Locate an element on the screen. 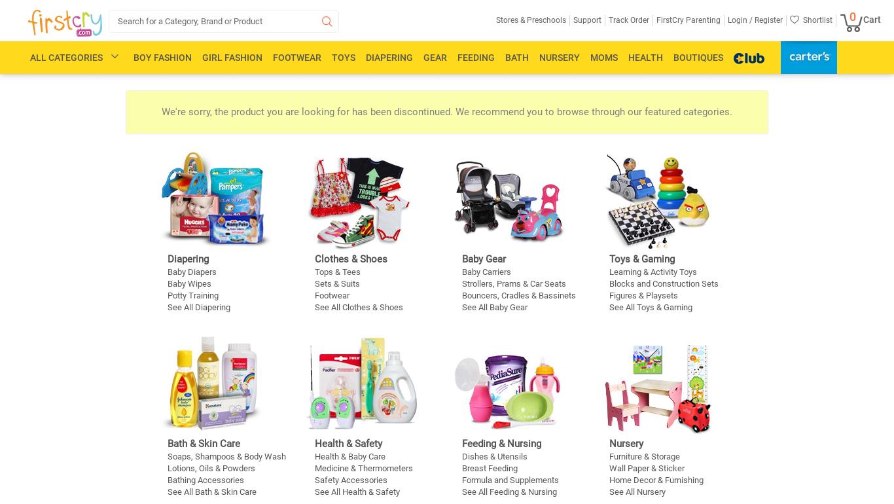 This screenshot has width=894, height=504. 'Footwear' is located at coordinates (296, 57).